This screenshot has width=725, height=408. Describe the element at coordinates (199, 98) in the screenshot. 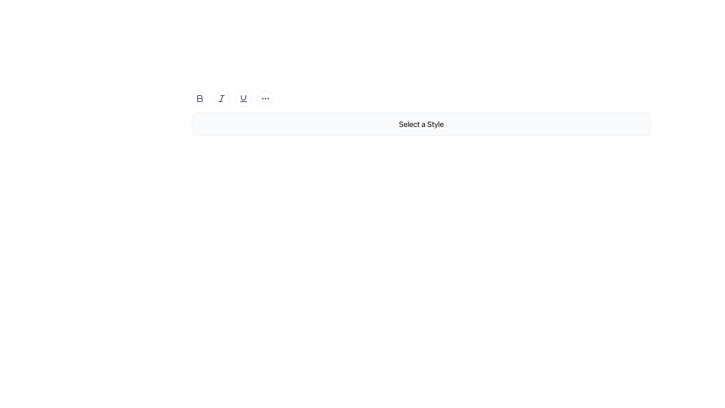

I see `the first button in the horizontal sequence of circular buttons located in the top-left section of the interface to visualize the hover effect` at that location.